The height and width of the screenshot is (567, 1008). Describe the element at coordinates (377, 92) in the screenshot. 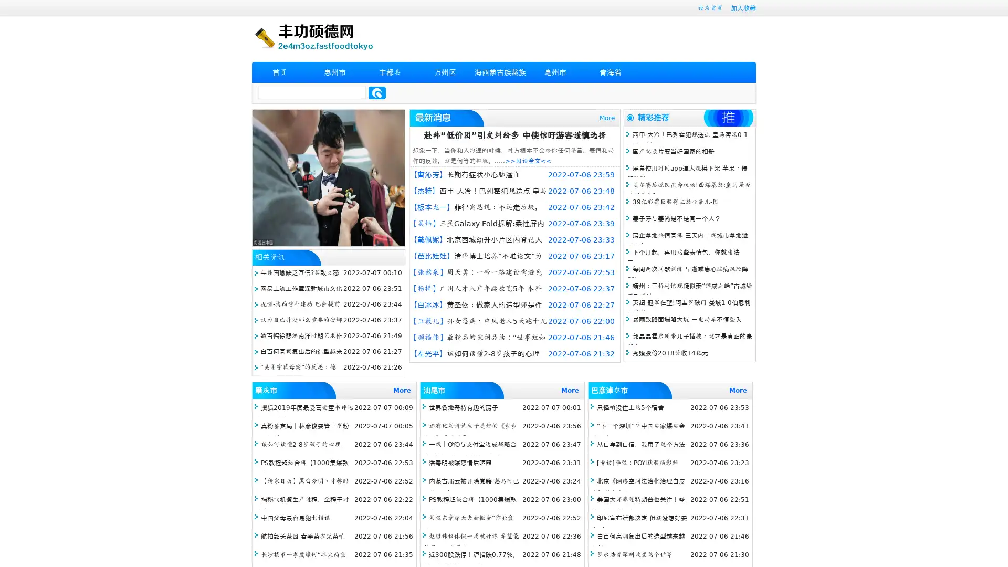

I see `Search` at that location.